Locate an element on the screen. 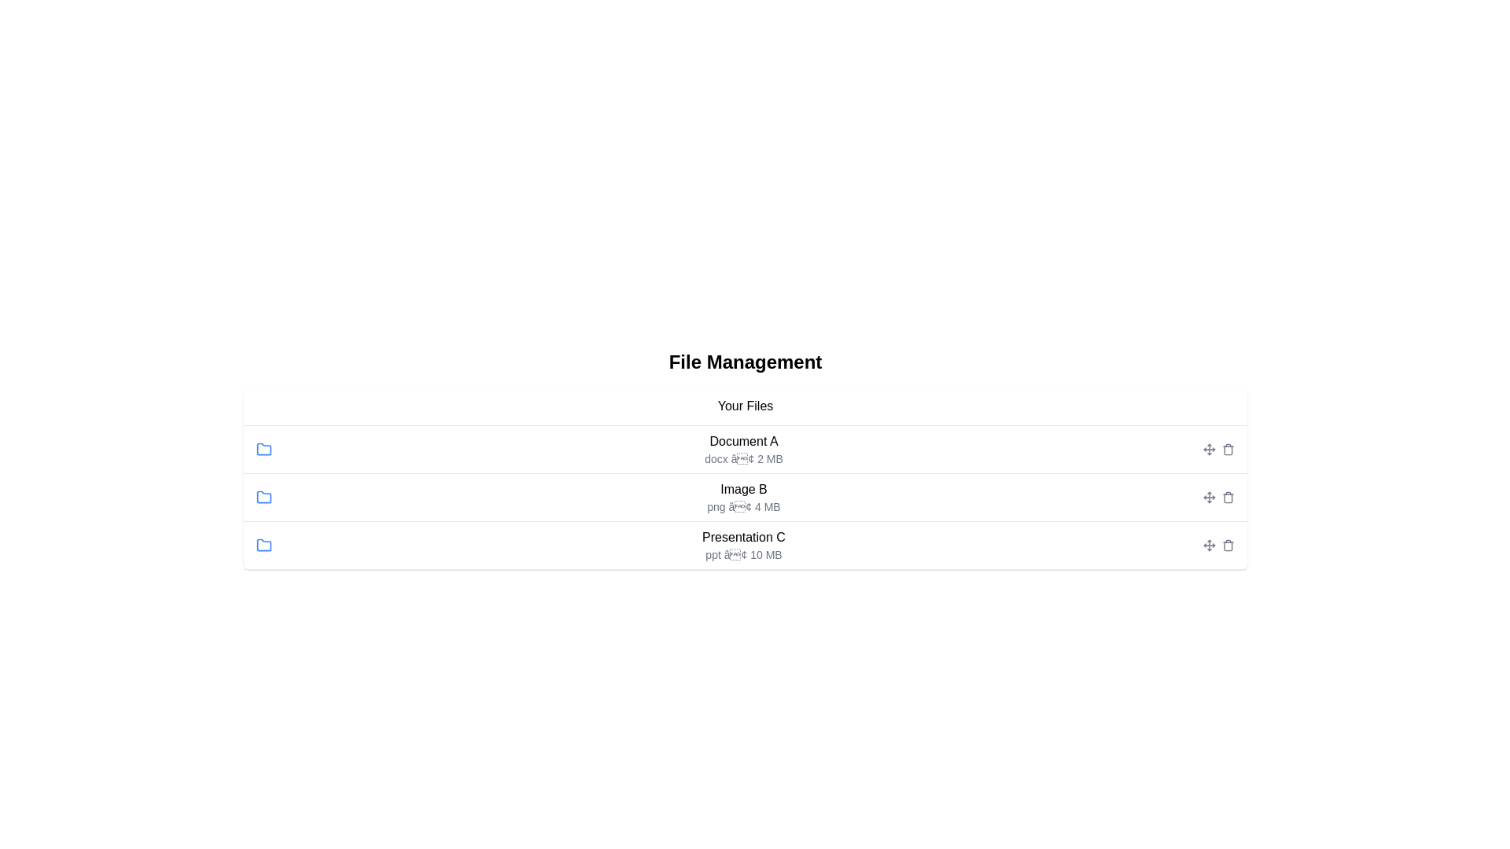 Image resolution: width=1510 pixels, height=849 pixels. the trash can icon located at the rightmost side of the 'Image B' row is located at coordinates (1227, 498).